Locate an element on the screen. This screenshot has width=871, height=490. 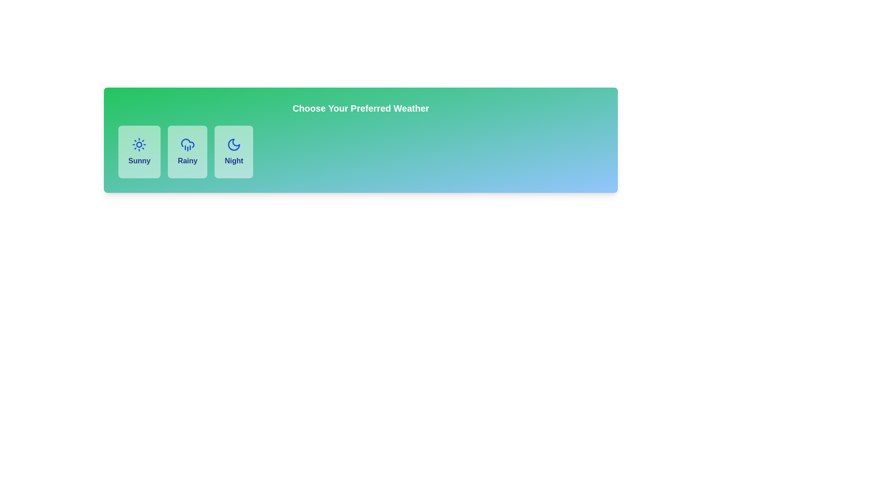
the moon-shaped icon in the 'Night' button is located at coordinates (234, 144).